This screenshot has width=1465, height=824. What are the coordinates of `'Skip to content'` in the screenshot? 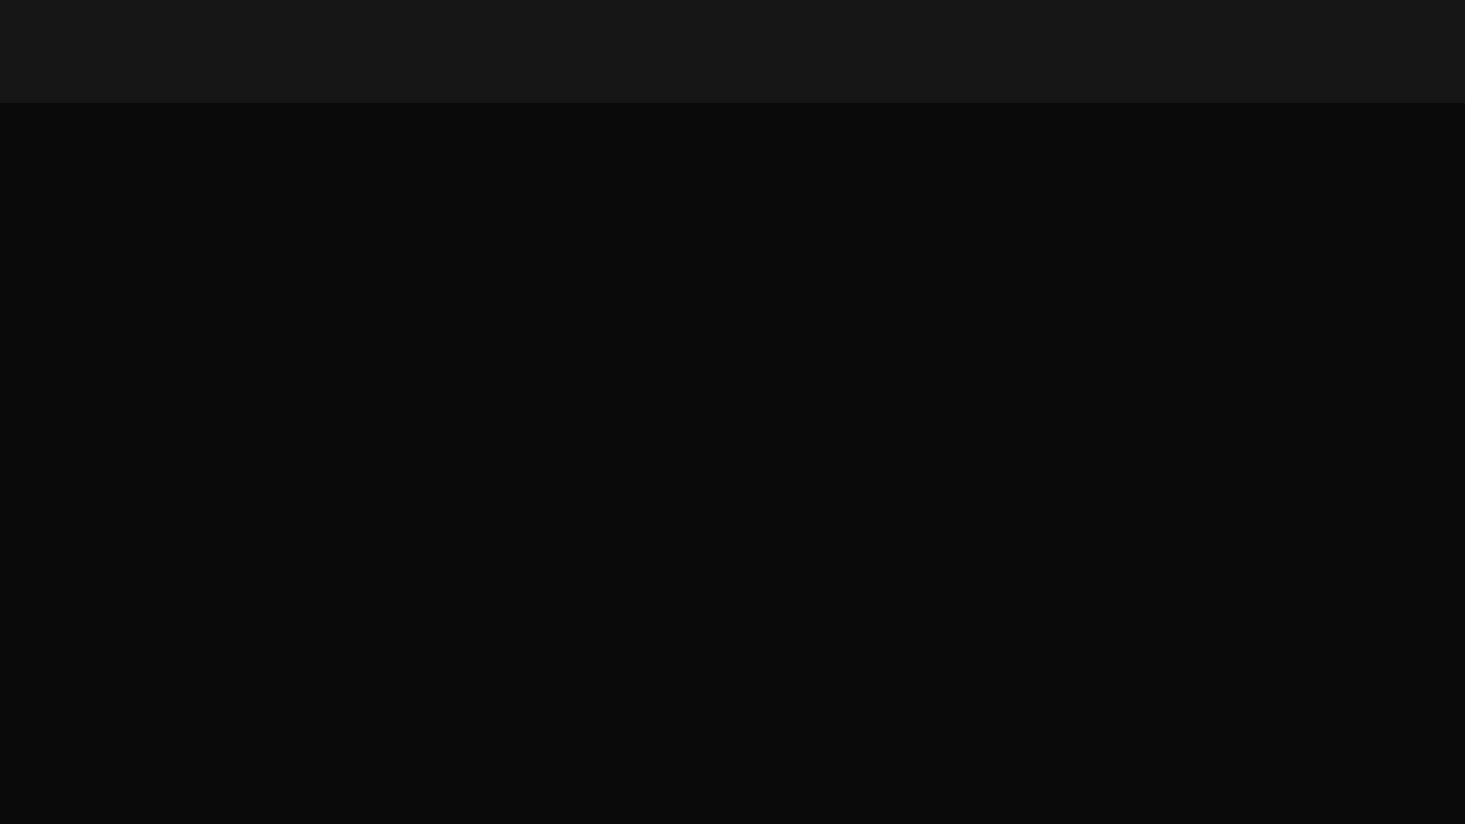 It's located at (0, 0).